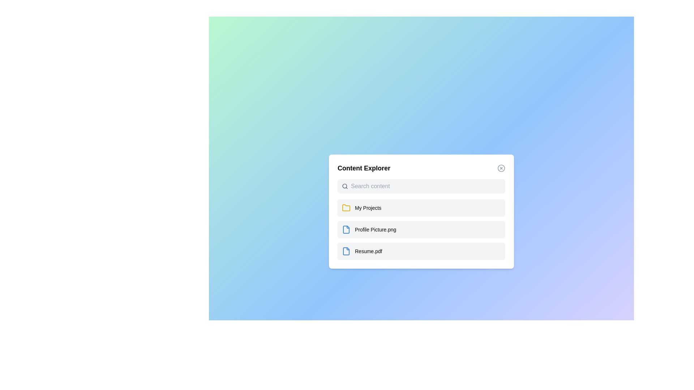 The width and height of the screenshot is (694, 390). I want to click on the close button to close the dialog, so click(501, 168).